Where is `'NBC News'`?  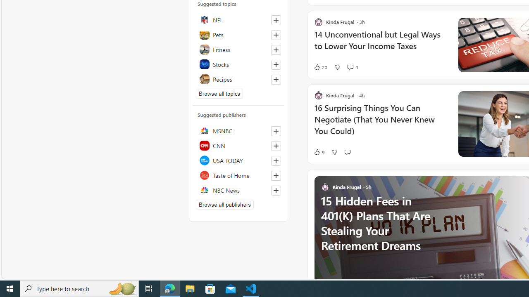
'NBC News' is located at coordinates (238, 190).